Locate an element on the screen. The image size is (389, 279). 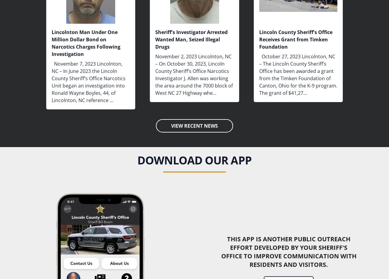
'DOWNLOAD OUR APP' is located at coordinates (194, 160).